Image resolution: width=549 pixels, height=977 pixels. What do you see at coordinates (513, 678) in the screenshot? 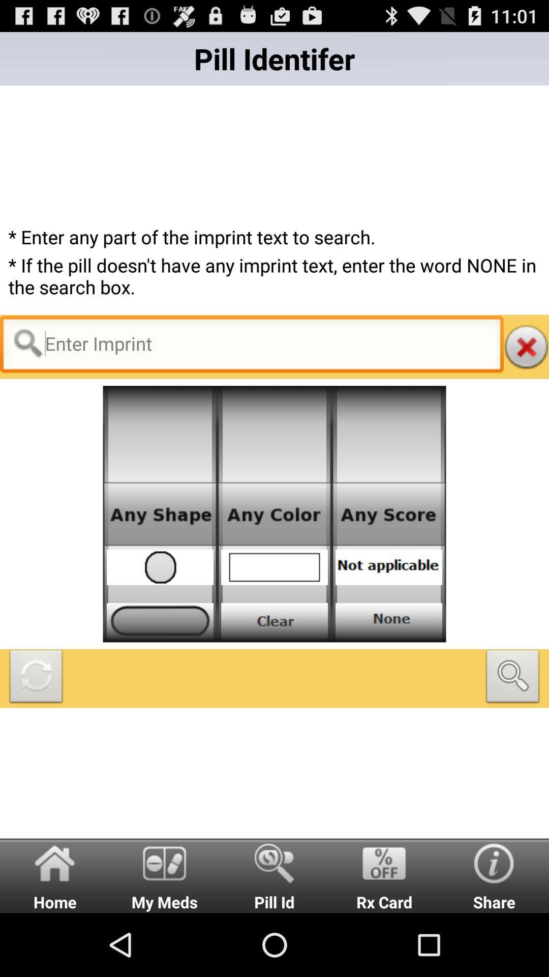
I see `the search option which is beside of the reload option` at bounding box center [513, 678].